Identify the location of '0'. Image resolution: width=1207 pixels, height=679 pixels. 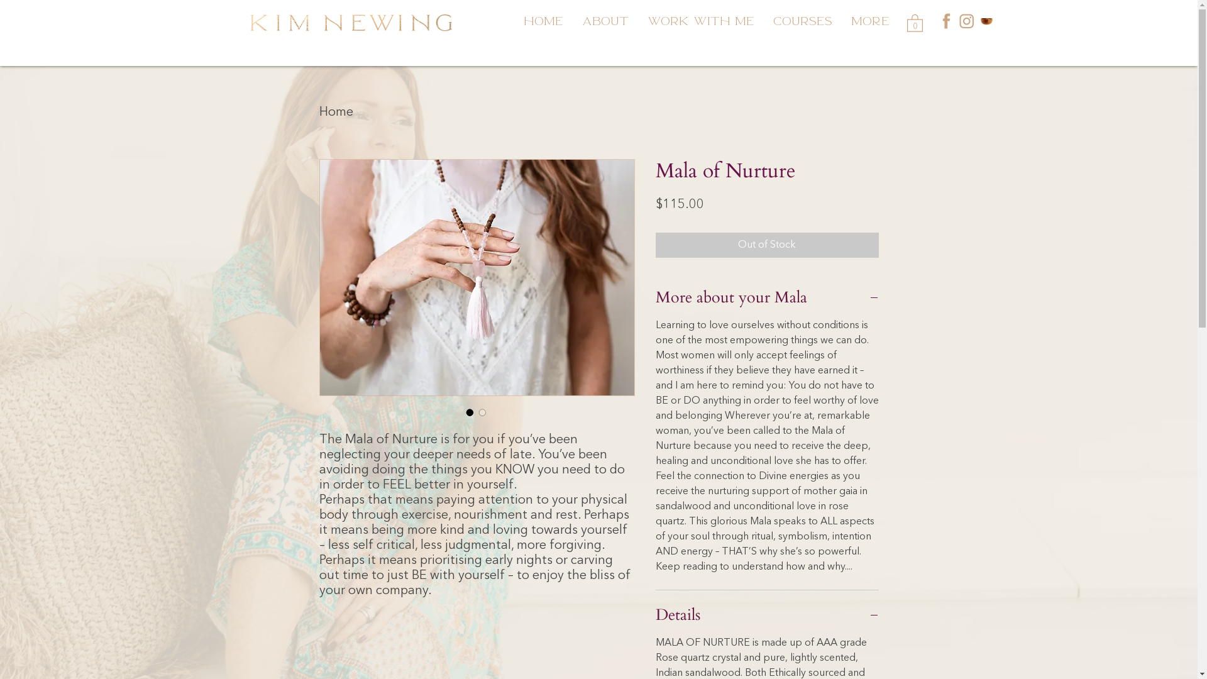
(914, 22).